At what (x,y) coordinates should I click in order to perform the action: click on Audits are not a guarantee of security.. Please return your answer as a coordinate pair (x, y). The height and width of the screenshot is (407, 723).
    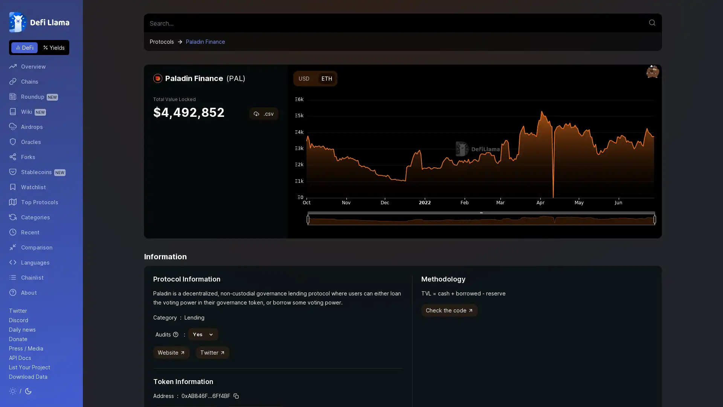
    Looking at the image, I should click on (166, 334).